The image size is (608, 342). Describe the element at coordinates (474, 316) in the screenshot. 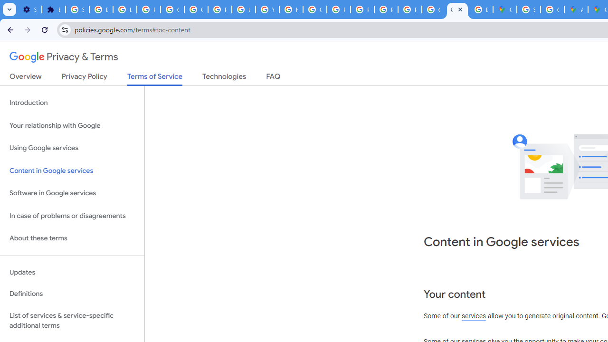

I see `'services'` at that location.